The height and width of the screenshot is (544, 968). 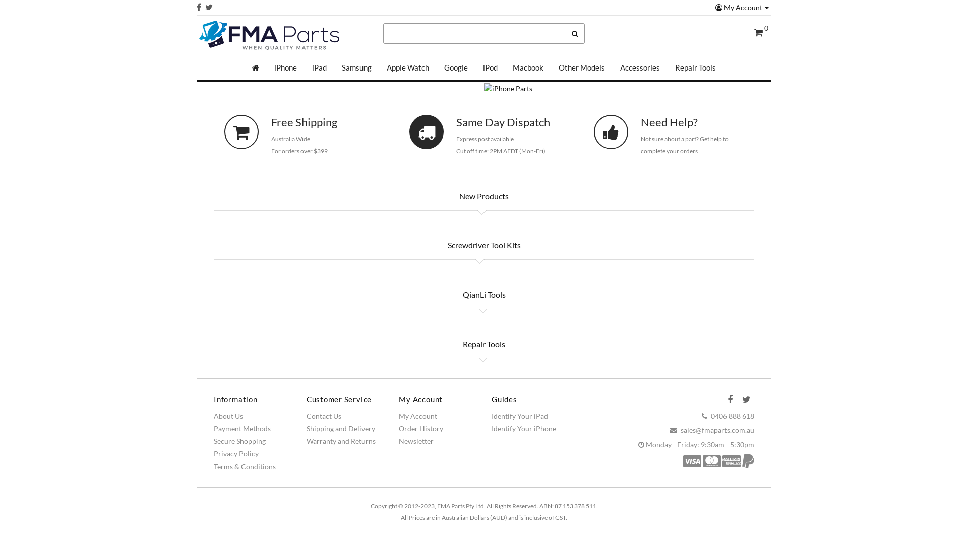 What do you see at coordinates (306, 440) in the screenshot?
I see `'Warranty and Returns'` at bounding box center [306, 440].